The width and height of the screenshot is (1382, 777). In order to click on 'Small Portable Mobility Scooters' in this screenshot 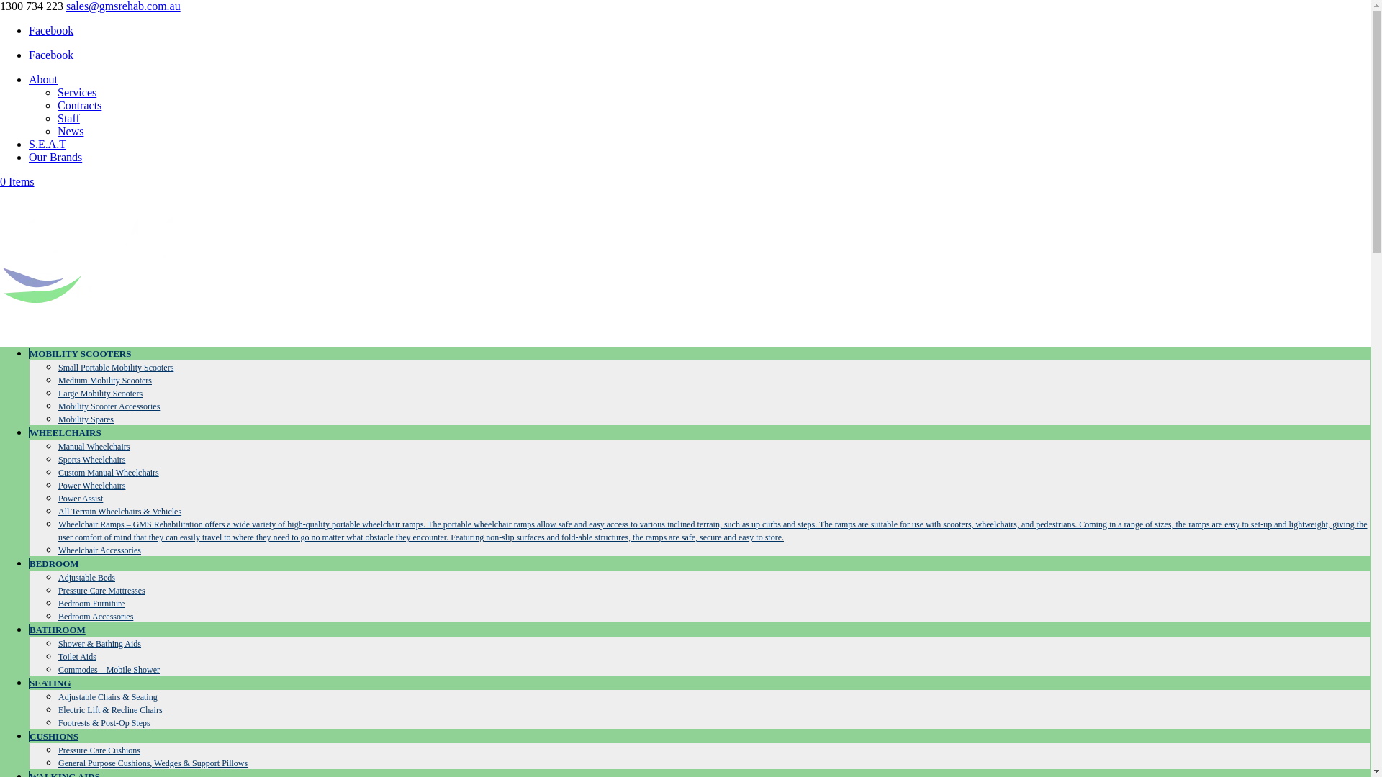, I will do `click(58, 366)`.